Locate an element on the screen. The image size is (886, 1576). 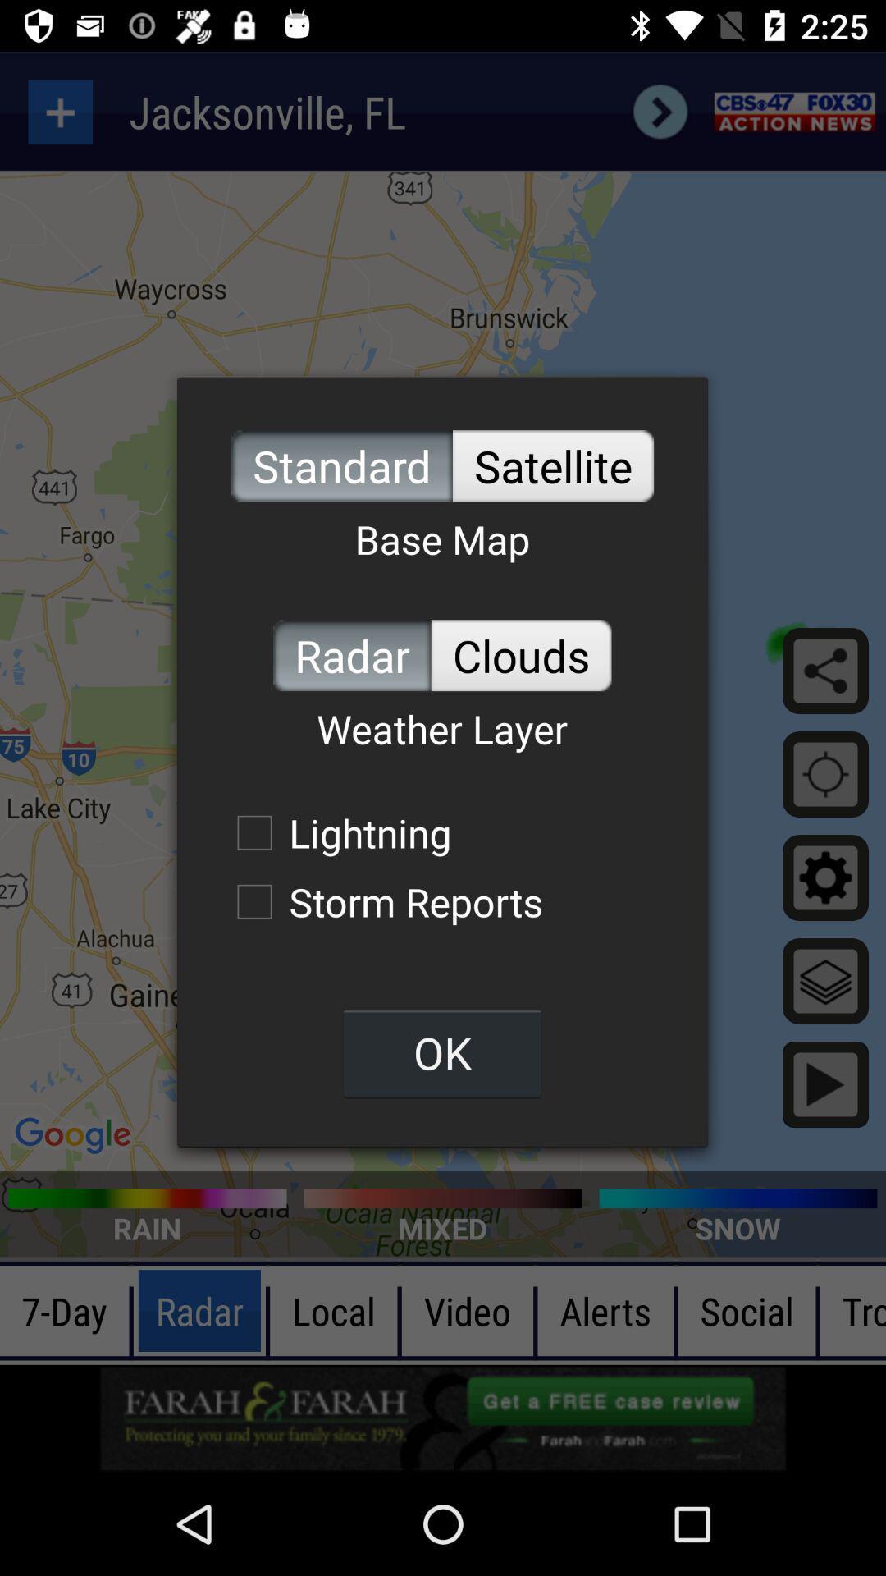
the item next to clouds icon is located at coordinates (351, 654).